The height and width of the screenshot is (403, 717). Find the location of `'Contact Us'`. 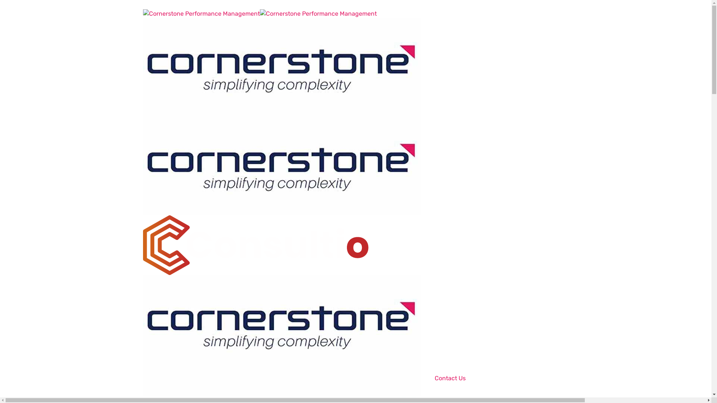

'Contact Us' is located at coordinates (450, 378).